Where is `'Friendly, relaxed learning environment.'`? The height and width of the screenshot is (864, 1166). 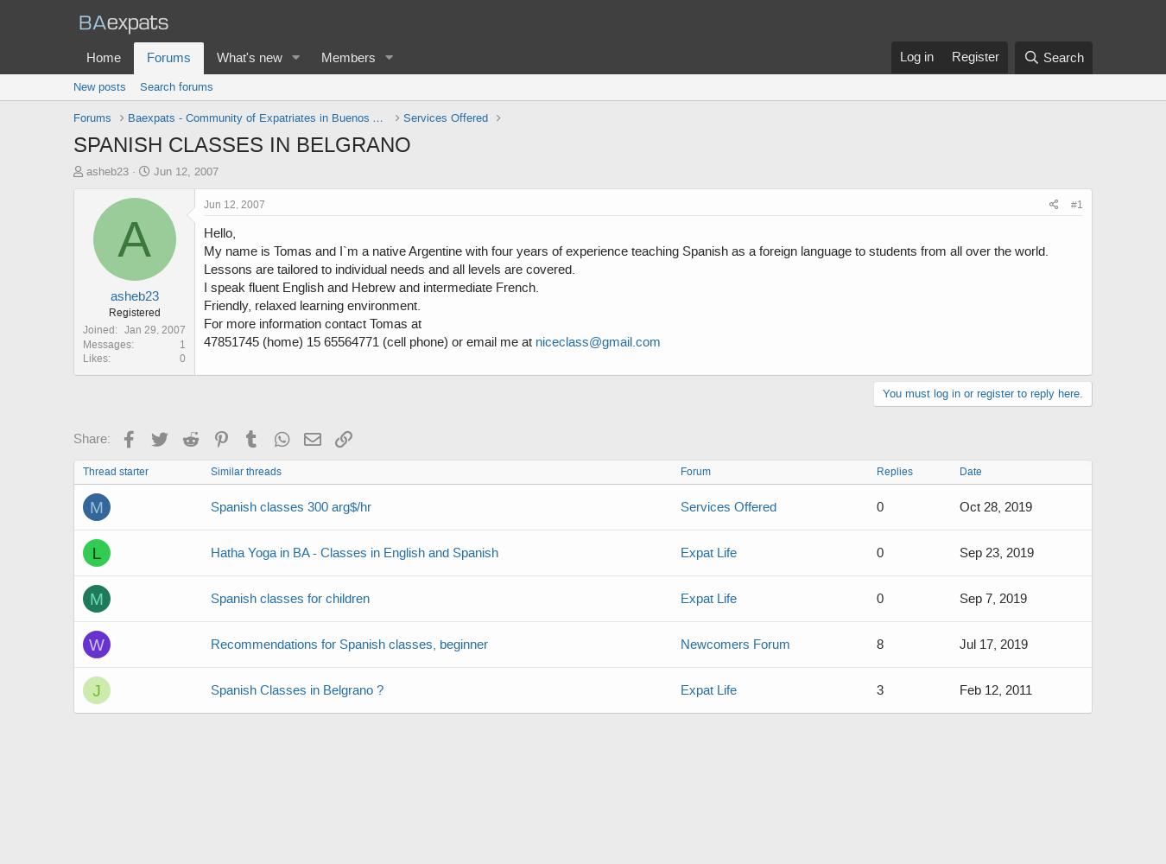
'Friendly, relaxed learning environment.' is located at coordinates (312, 305).